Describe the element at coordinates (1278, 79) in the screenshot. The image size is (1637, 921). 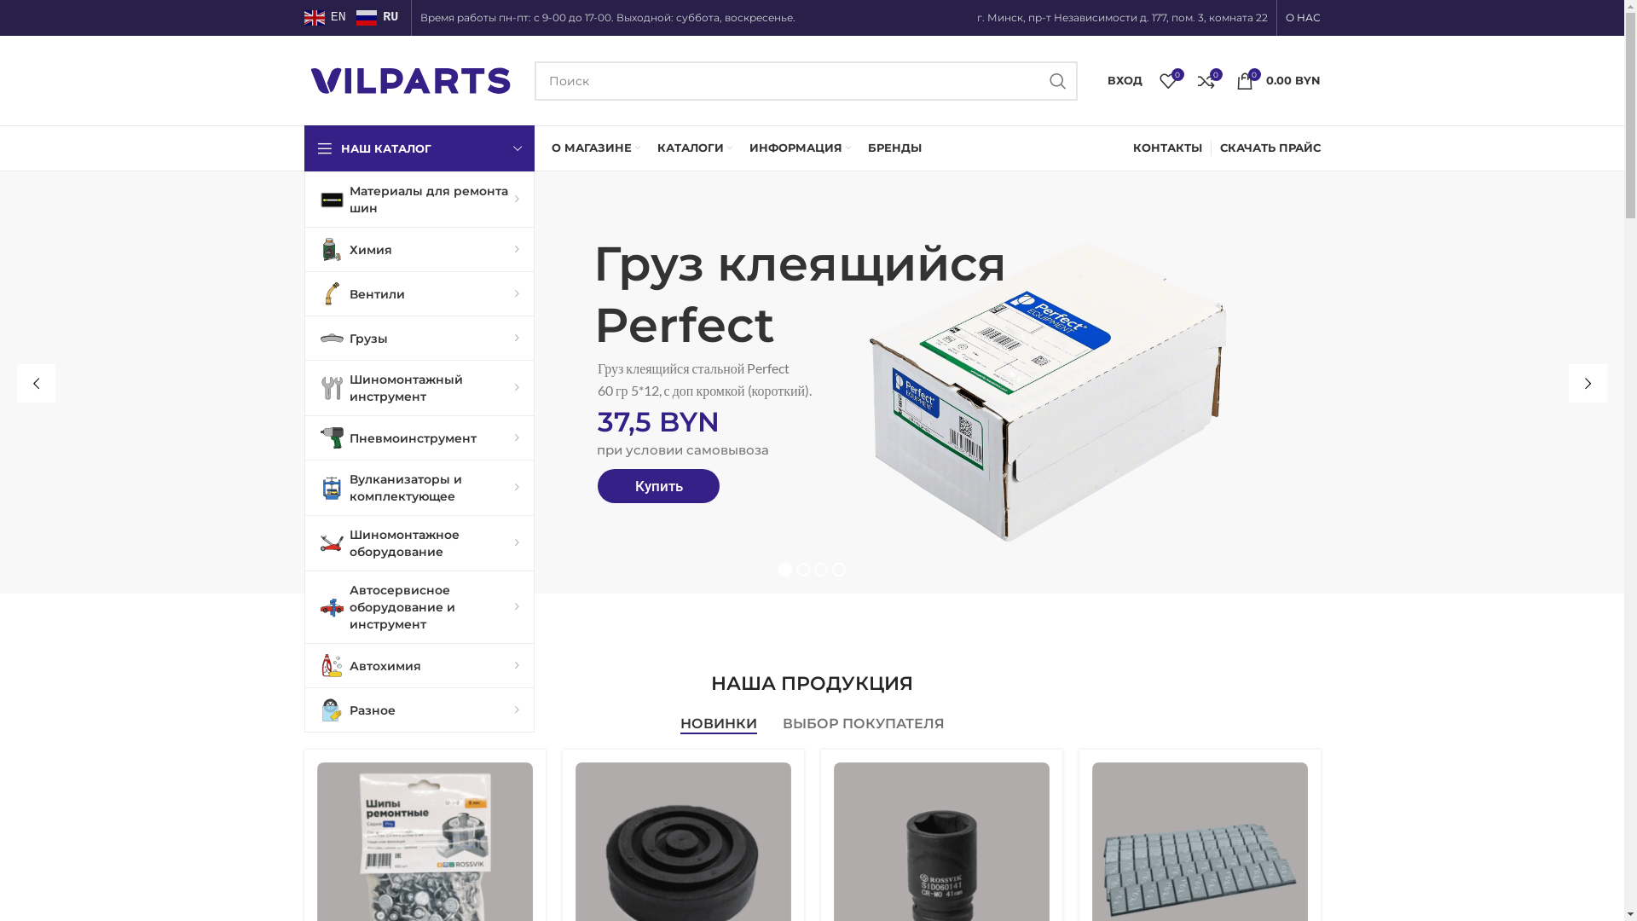
I see `'0` at that location.